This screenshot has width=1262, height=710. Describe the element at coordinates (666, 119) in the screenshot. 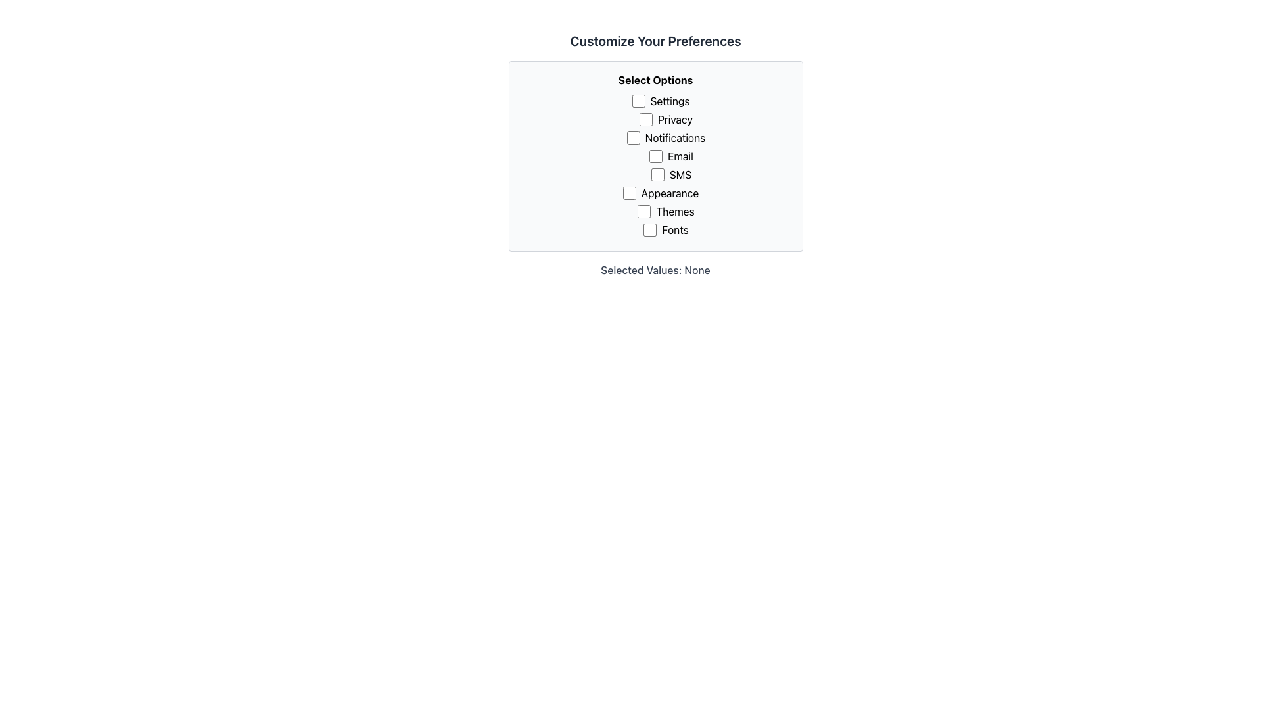

I see `the 'Privacy' setting label, which is located in the second row of the options within the Customize Your Preferences dialog, under the heading 'Select Options', and is positioned immediately to the left of the corresponding checkbox` at that location.